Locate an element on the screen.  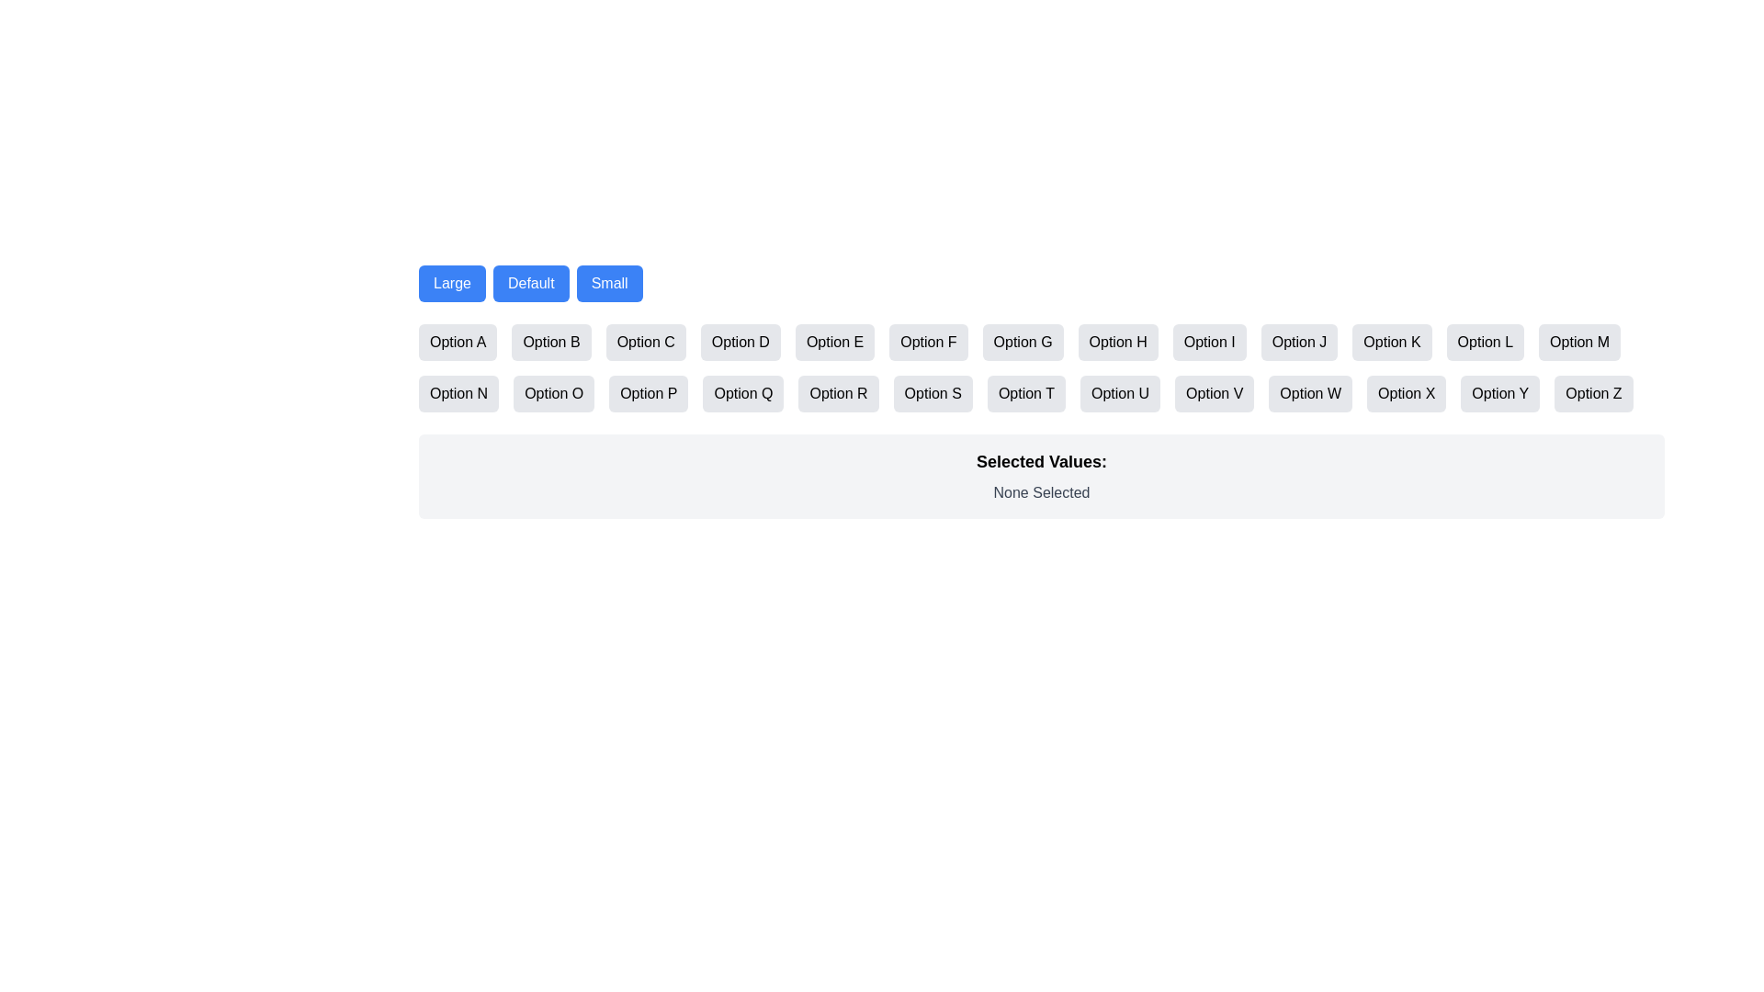
the button labeled 'Option G', which is displayed in black sans-serif font within a light gray rounded rectangle is located at coordinates (1022, 343).